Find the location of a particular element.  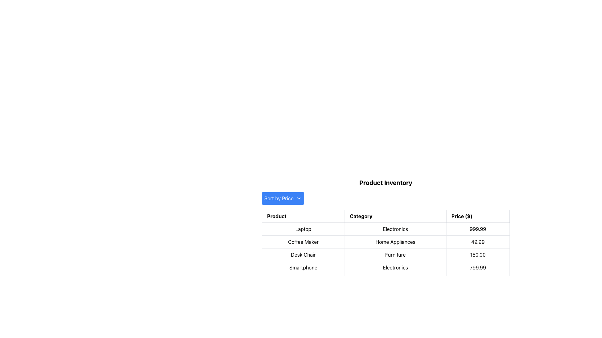

the static text '49.99' located in the 'Price' column of the 'Product Inventory' table, which is in the third column of the second row, aligned with 'Home Appliances' and 'Coffee Maker' is located at coordinates (478, 241).